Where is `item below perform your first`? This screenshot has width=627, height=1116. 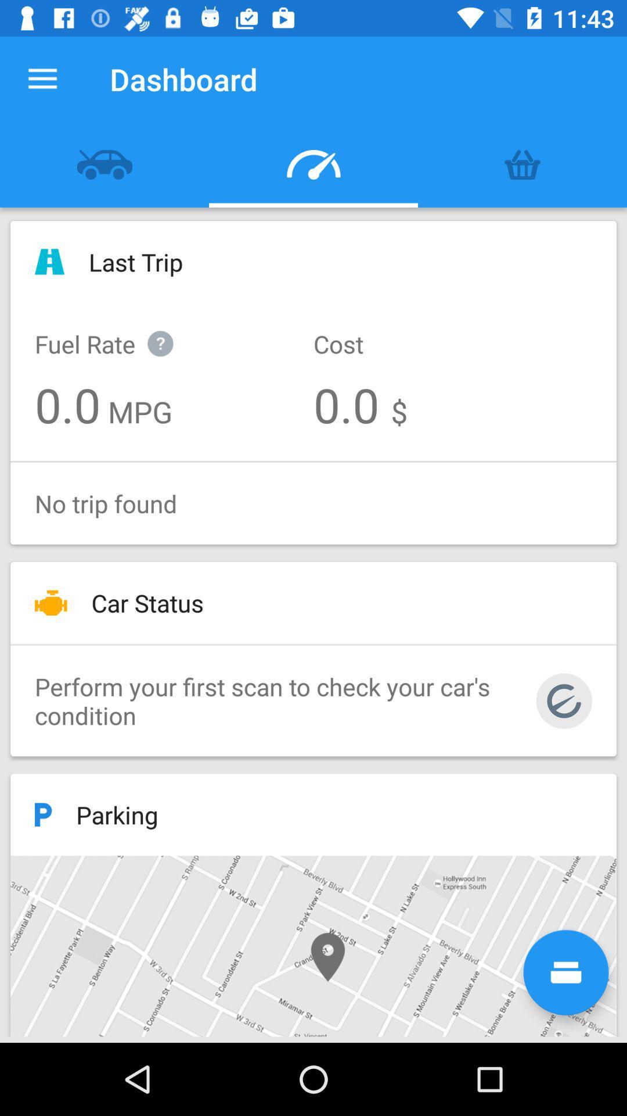 item below perform your first is located at coordinates (565, 972).